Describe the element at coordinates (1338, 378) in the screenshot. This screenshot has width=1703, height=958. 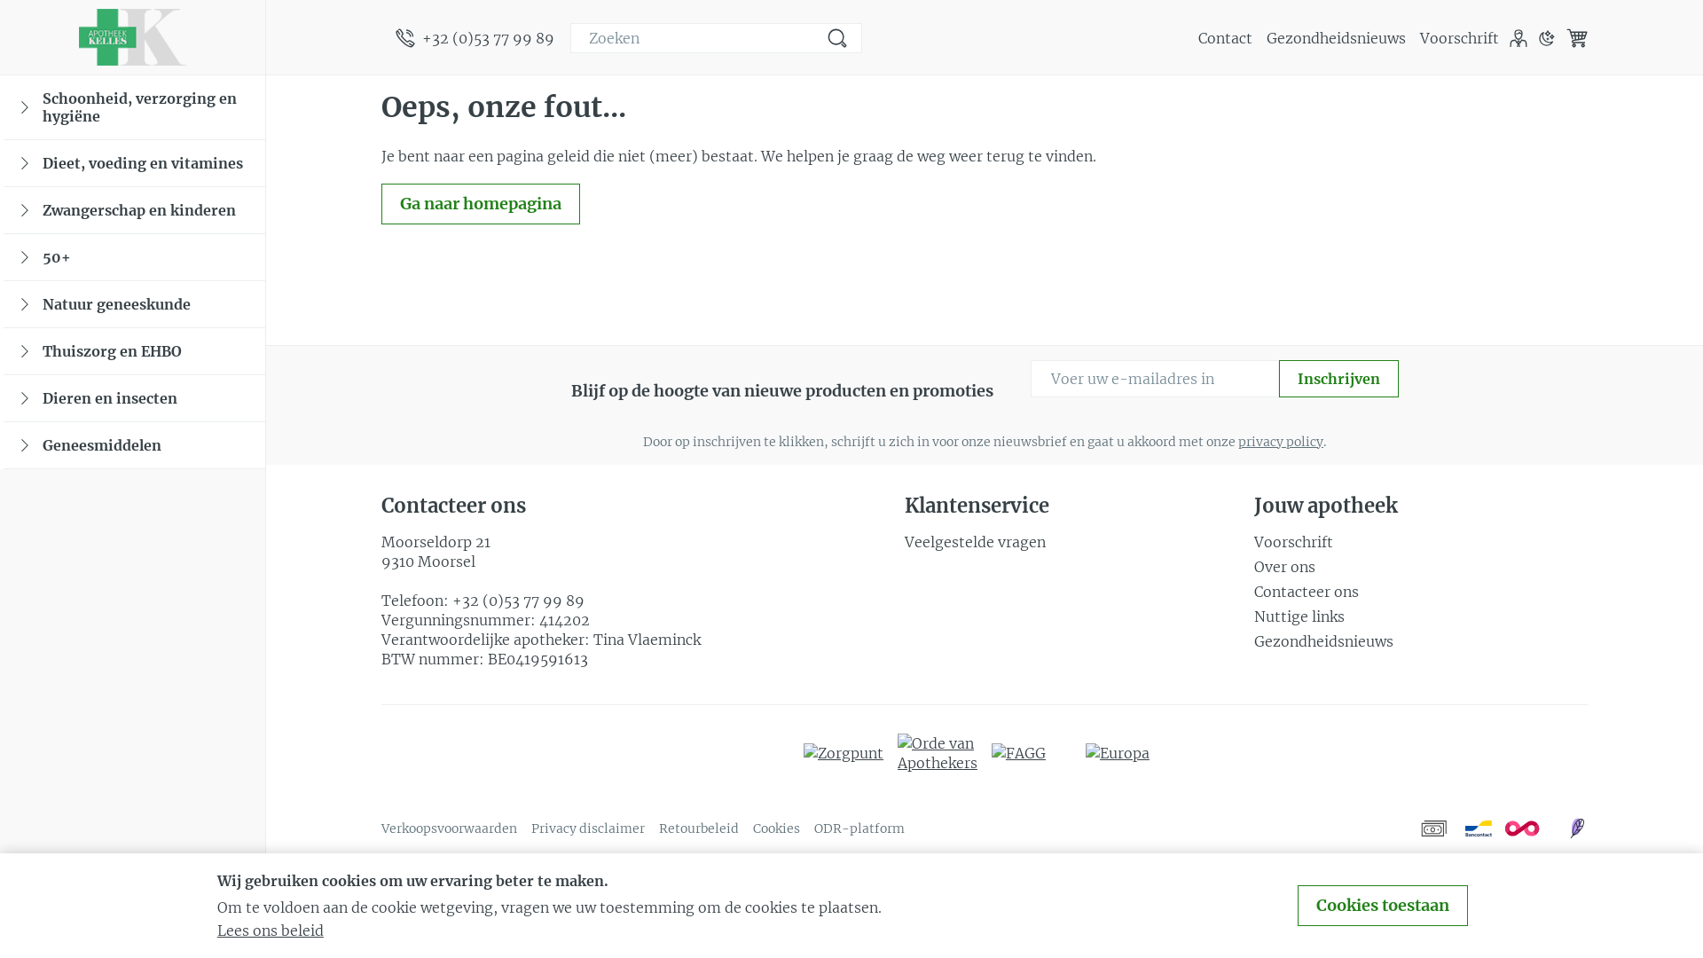
I see `'Inschrijven'` at that location.